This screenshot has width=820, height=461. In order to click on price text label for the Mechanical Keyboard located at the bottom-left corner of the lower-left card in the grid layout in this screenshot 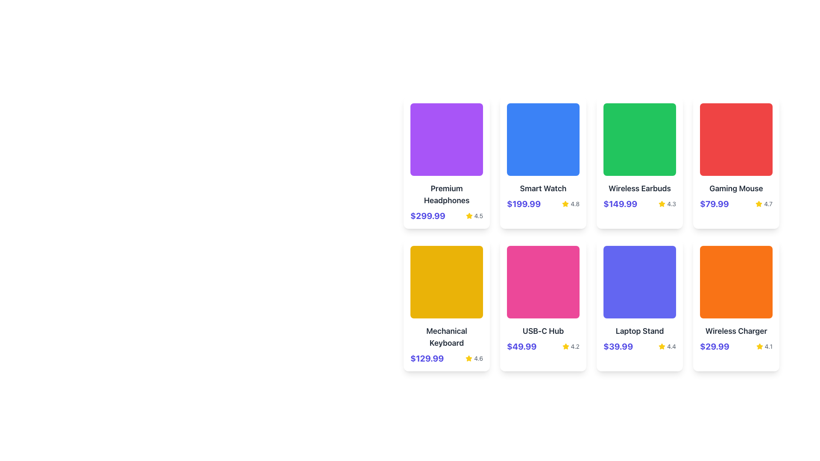, I will do `click(427, 359)`.